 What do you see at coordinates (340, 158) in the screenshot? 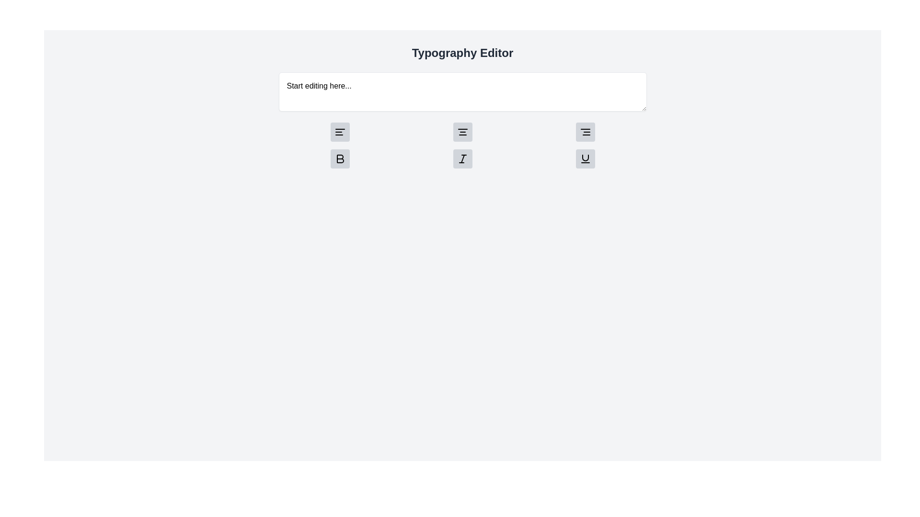
I see `the bold 'B' icon button` at bounding box center [340, 158].